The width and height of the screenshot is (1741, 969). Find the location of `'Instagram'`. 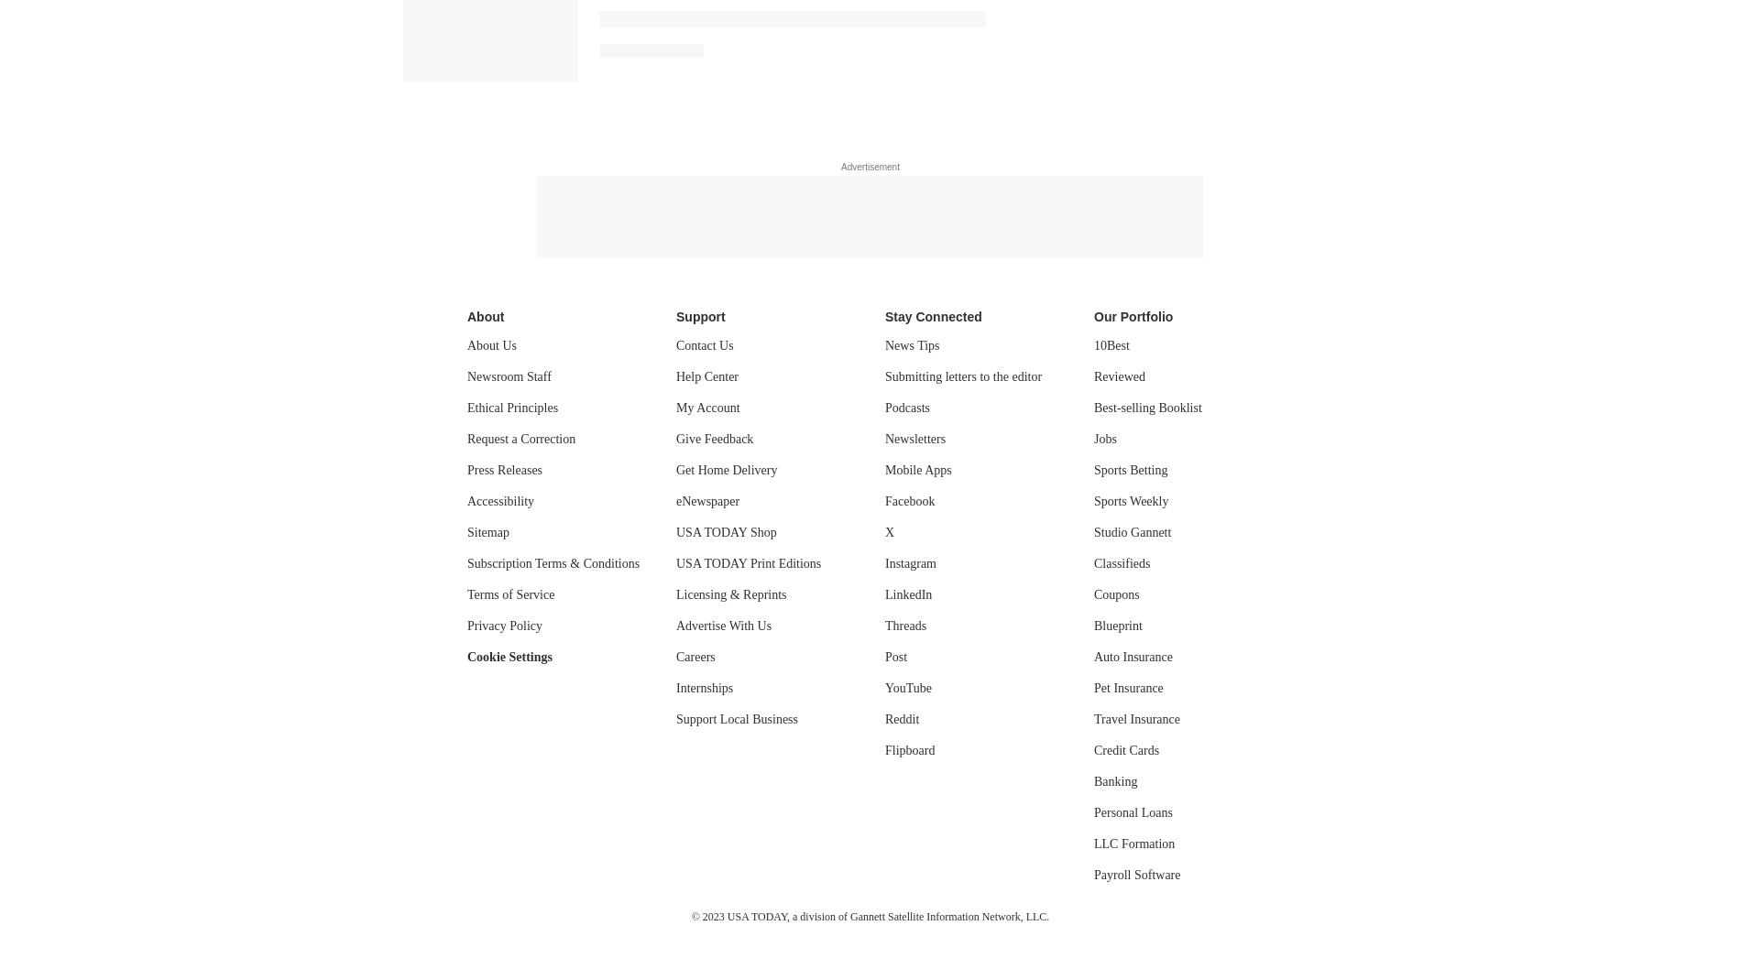

'Instagram' is located at coordinates (910, 563).